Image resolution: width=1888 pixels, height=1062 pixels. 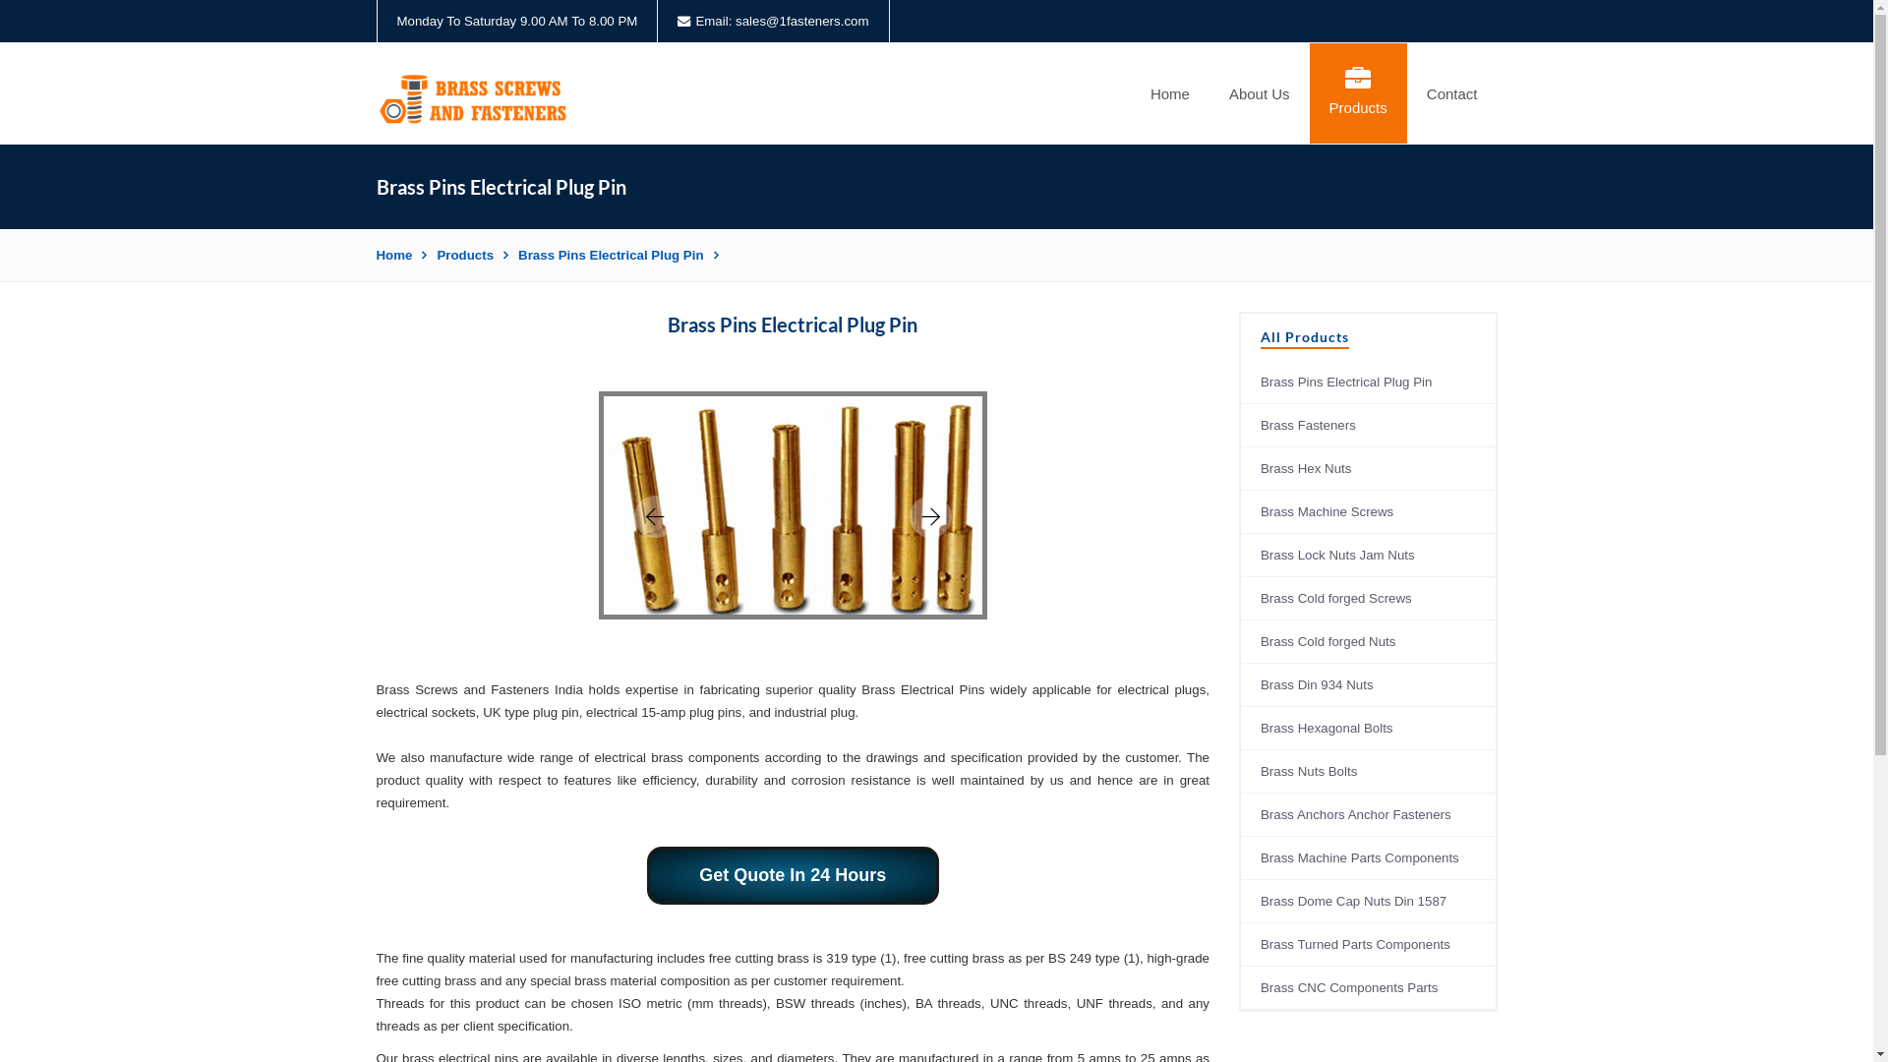 What do you see at coordinates (1240, 555) in the screenshot?
I see `'Brass Lock Nuts Jam Nuts'` at bounding box center [1240, 555].